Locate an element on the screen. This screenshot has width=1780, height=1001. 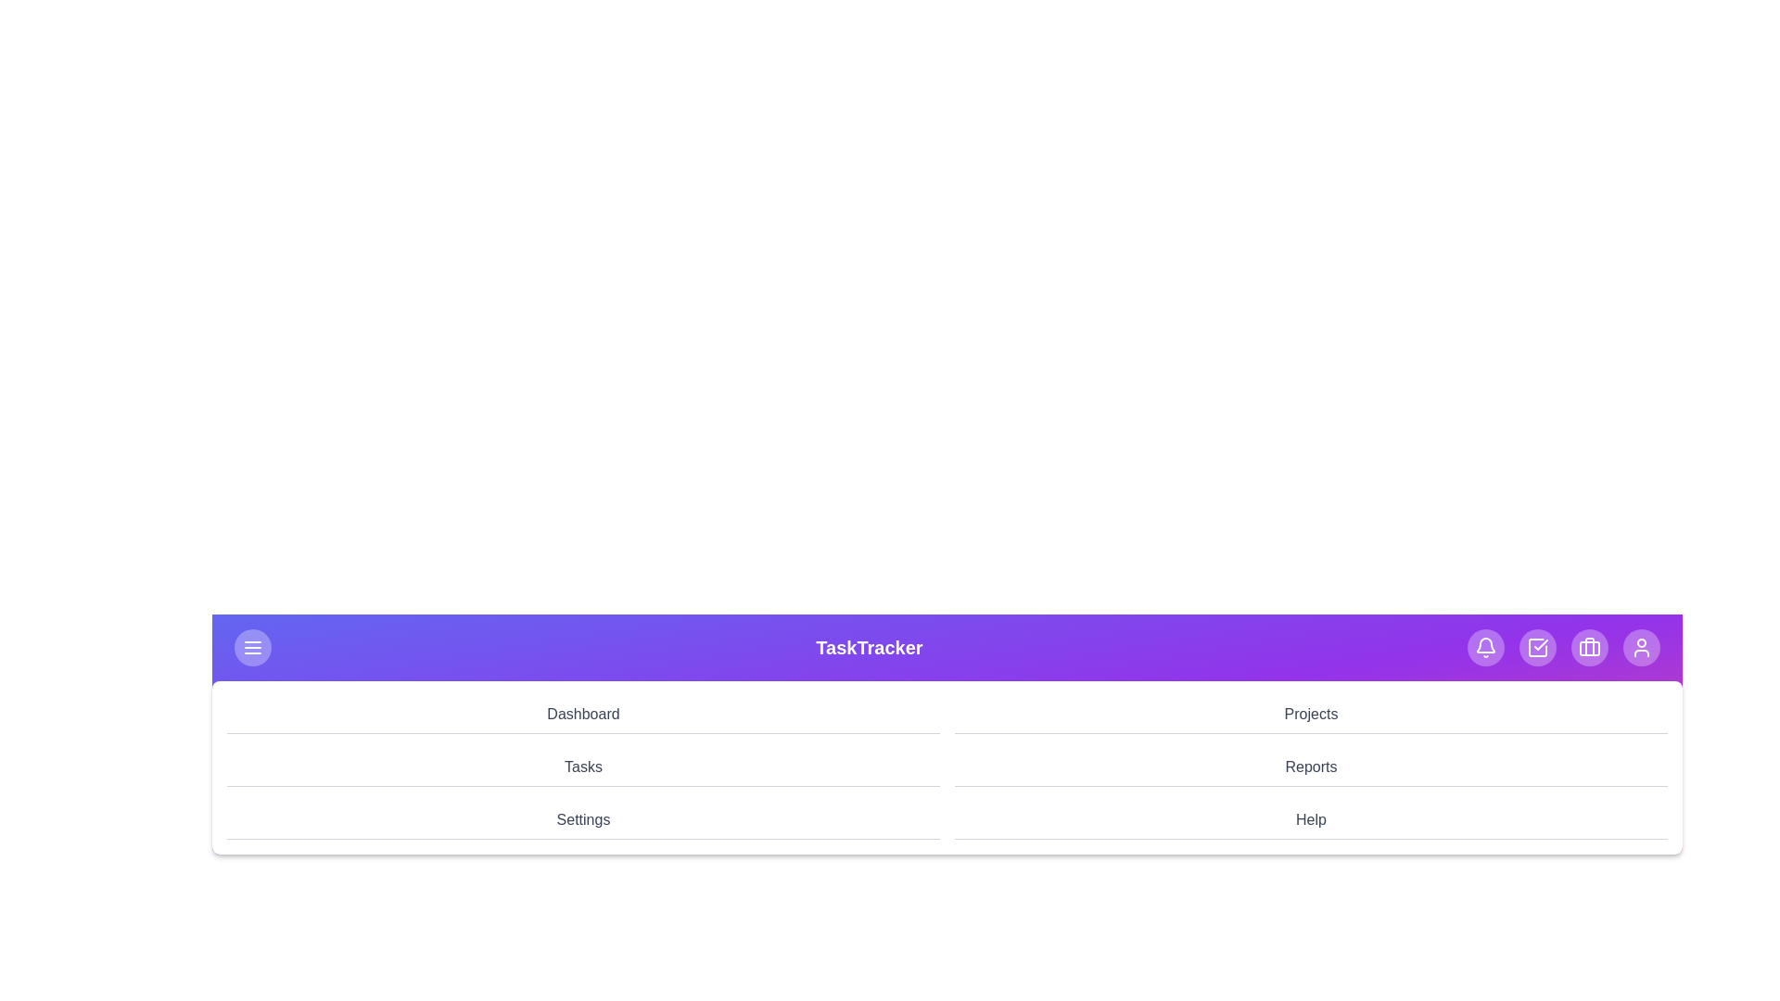
the notifications icon in the app bar is located at coordinates (1486, 646).